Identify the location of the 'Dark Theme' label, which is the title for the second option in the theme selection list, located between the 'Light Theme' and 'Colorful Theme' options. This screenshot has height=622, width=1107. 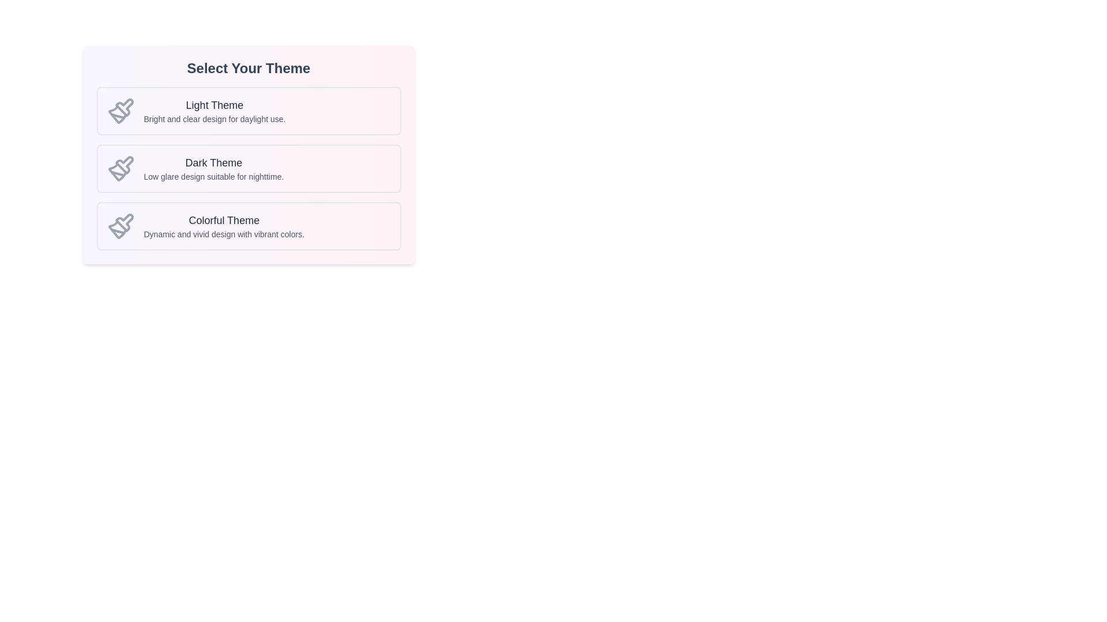
(213, 162).